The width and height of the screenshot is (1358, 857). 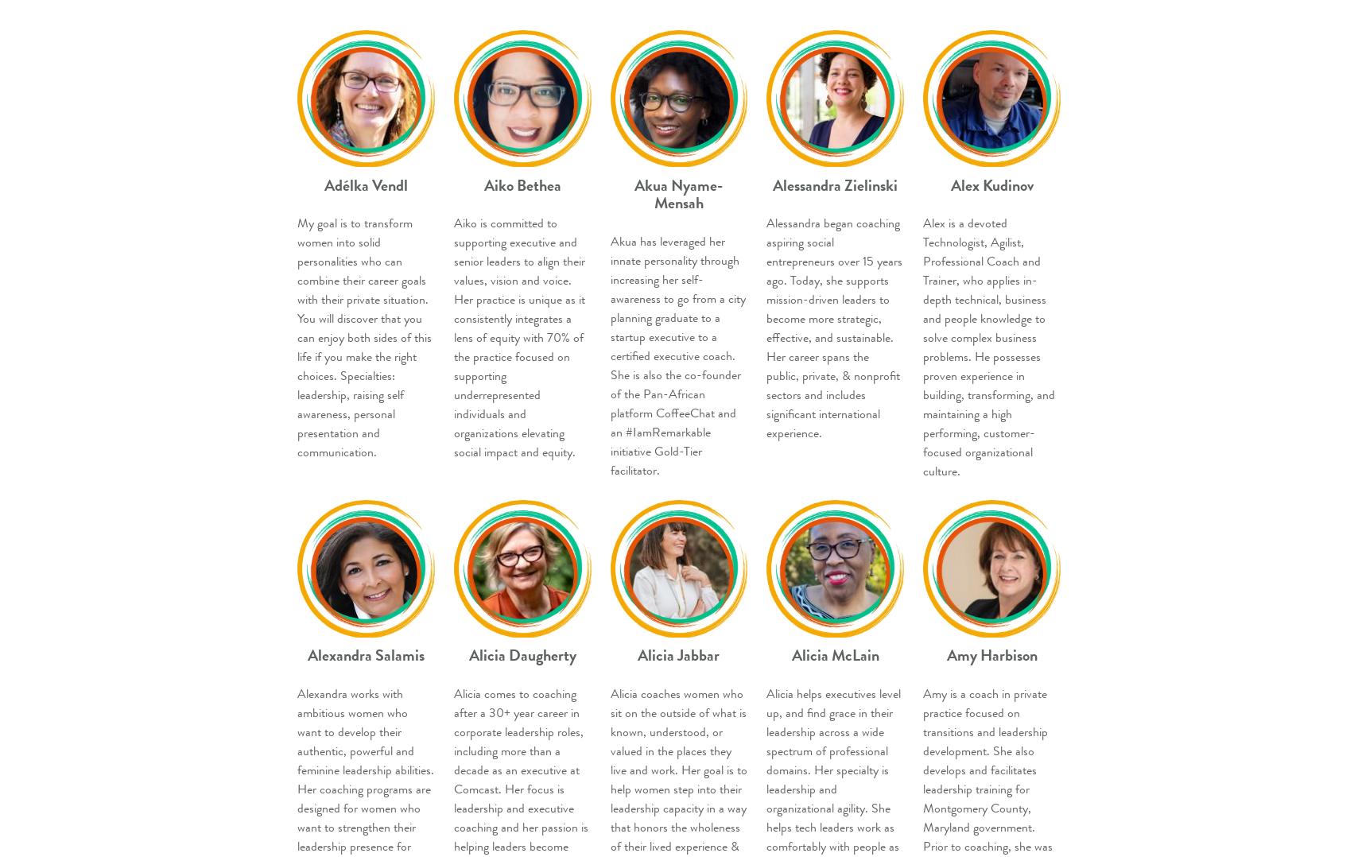 I want to click on 'Alessandra Zielinski', so click(x=835, y=184).